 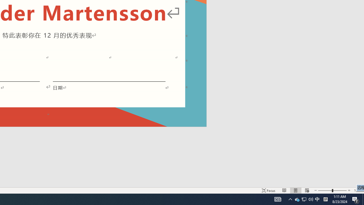 I want to click on 'Web Layout', so click(x=307, y=190).